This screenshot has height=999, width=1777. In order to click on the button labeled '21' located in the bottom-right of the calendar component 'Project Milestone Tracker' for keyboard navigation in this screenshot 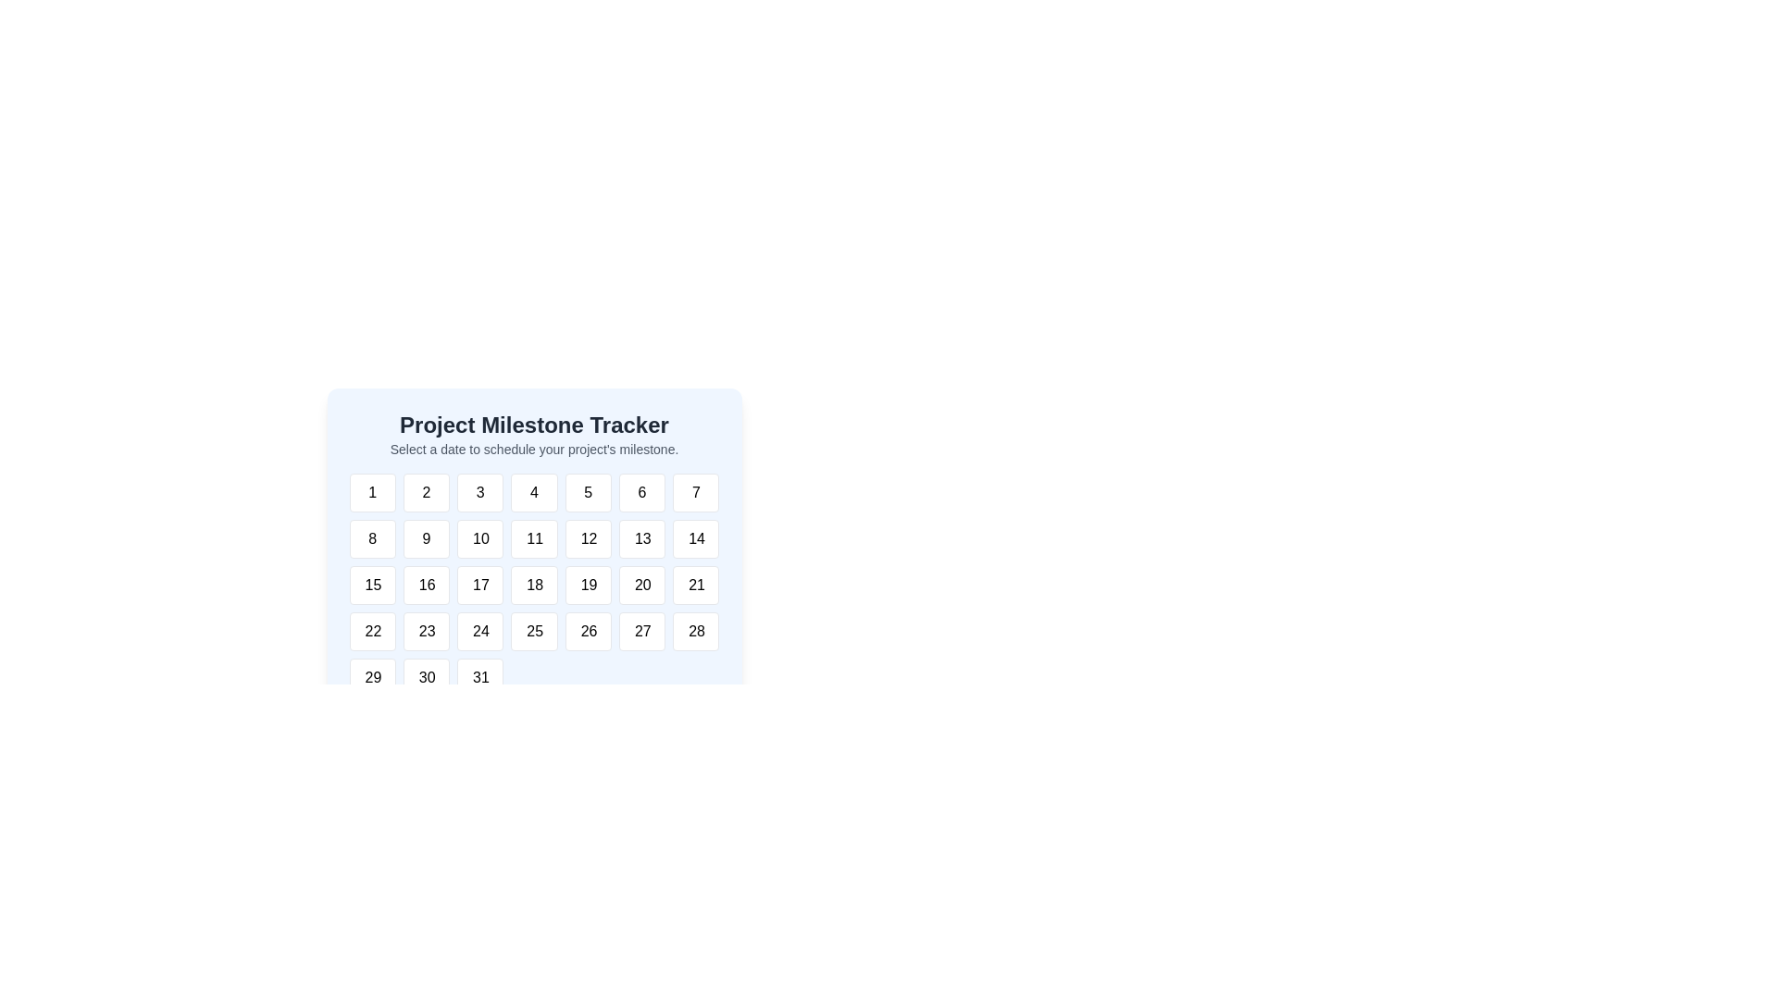, I will do `click(695, 585)`.